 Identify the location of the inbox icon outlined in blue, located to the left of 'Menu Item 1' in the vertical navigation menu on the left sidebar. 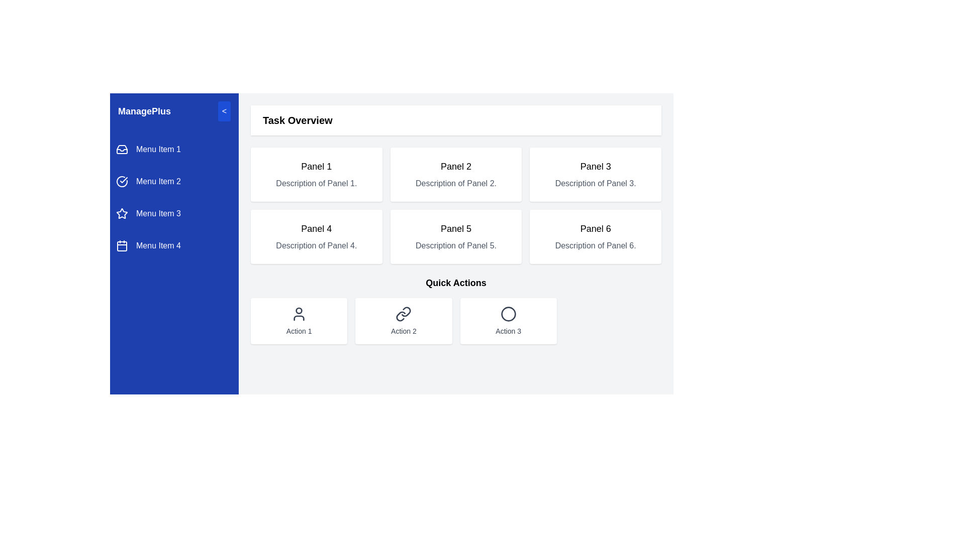
(122, 149).